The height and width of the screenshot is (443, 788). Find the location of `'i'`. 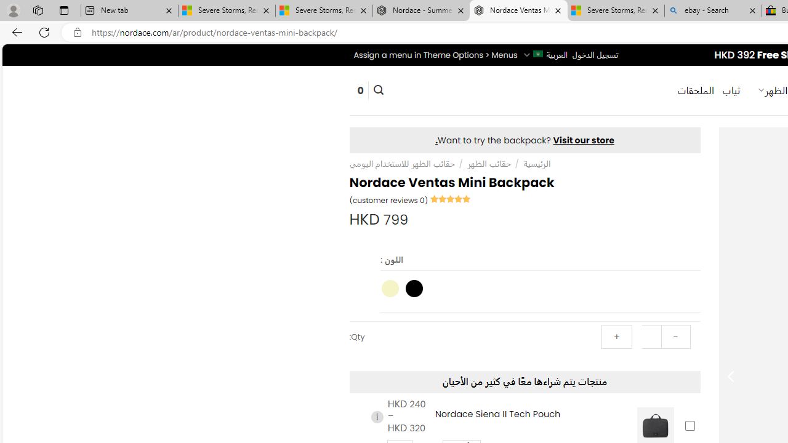

'i' is located at coordinates (376, 416).